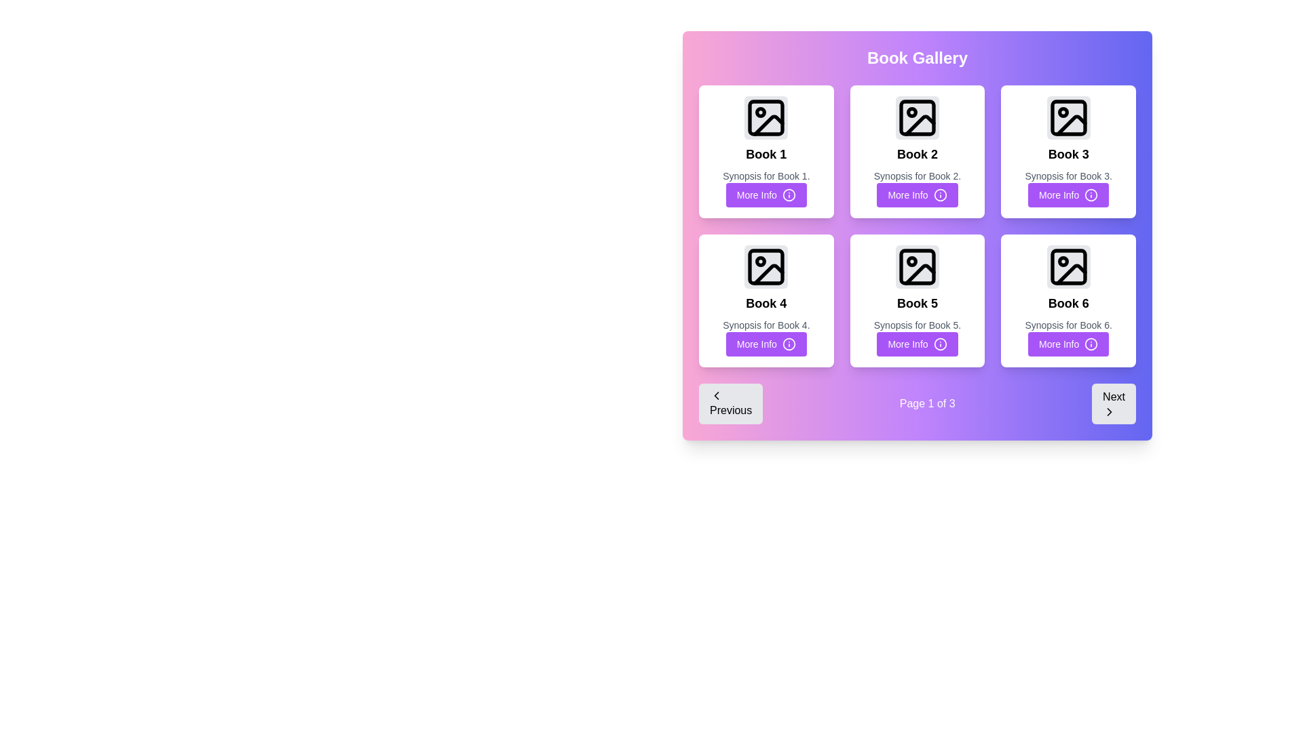 This screenshot has height=732, width=1303. What do you see at coordinates (766, 117) in the screenshot?
I see `the icon representing an image with a circular detail and a diagonal line, located in the 'Book Gallery' section, directly above the label 'Book 1'` at bounding box center [766, 117].